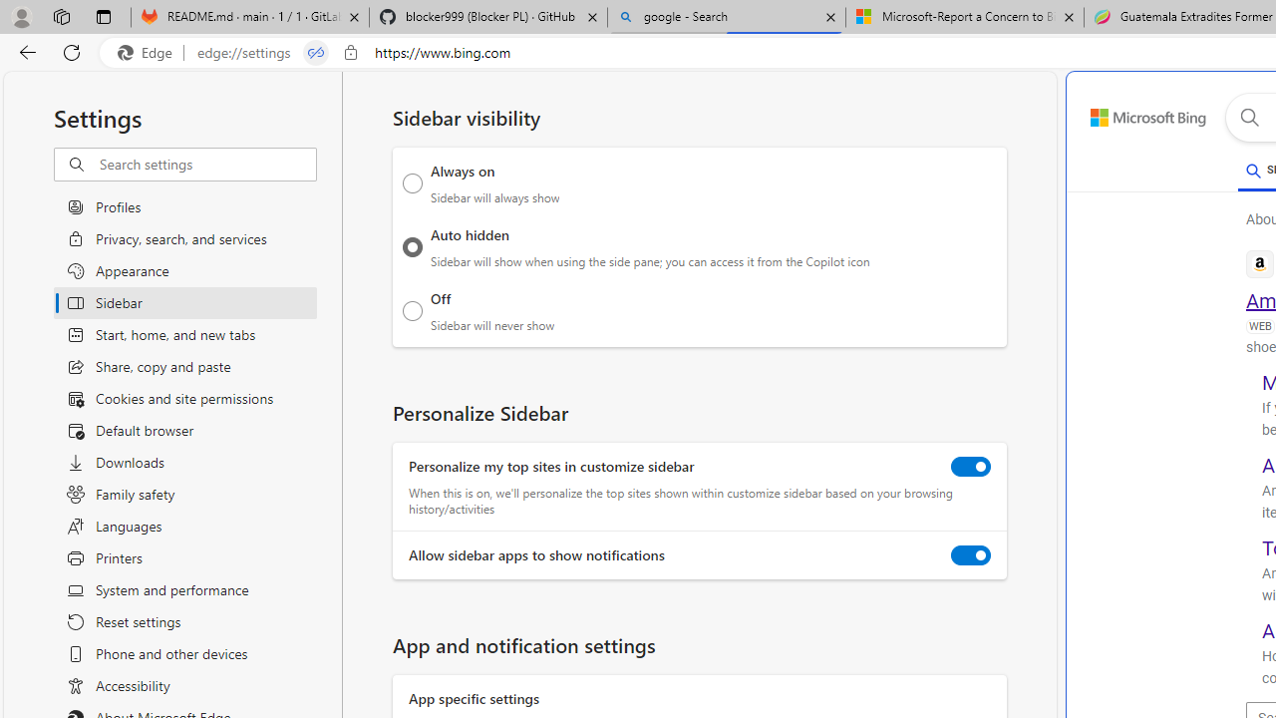 The height and width of the screenshot is (718, 1276). I want to click on 'Tab actions menu', so click(103, 16).